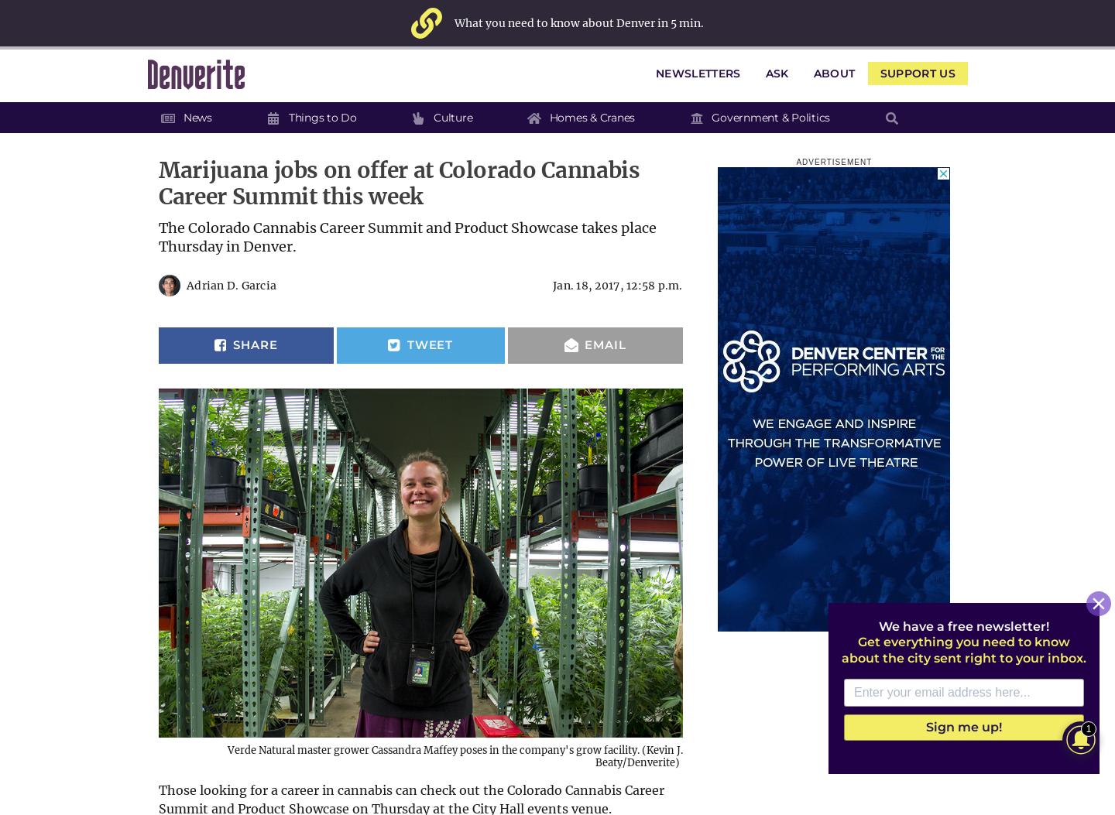  Describe the element at coordinates (196, 116) in the screenshot. I see `'News'` at that location.